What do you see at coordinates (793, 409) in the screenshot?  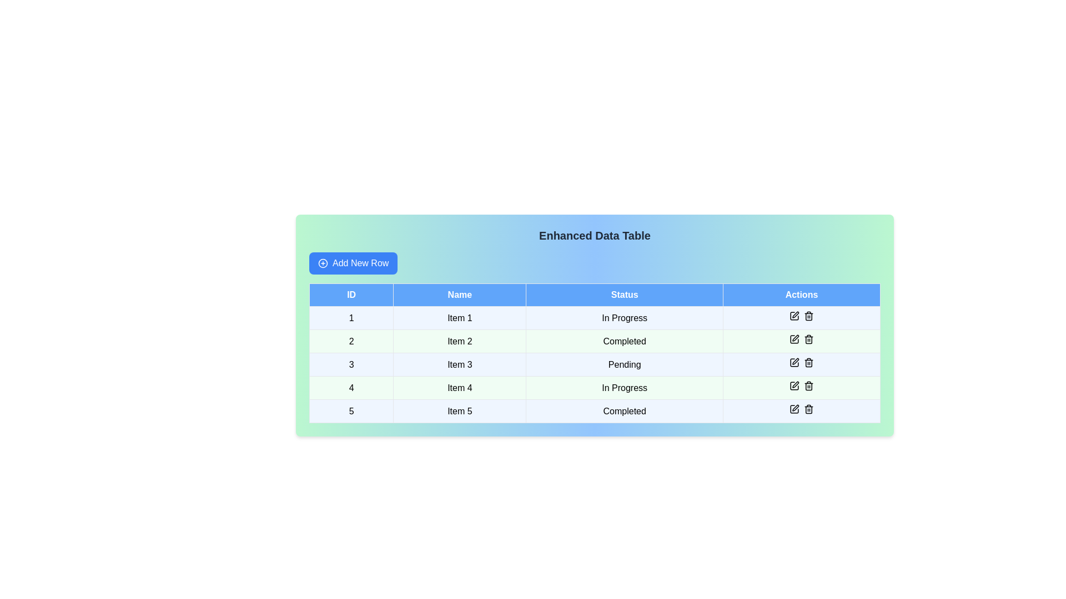 I see `the edit button located in the last row of the data table under the 'Actions' column` at bounding box center [793, 409].